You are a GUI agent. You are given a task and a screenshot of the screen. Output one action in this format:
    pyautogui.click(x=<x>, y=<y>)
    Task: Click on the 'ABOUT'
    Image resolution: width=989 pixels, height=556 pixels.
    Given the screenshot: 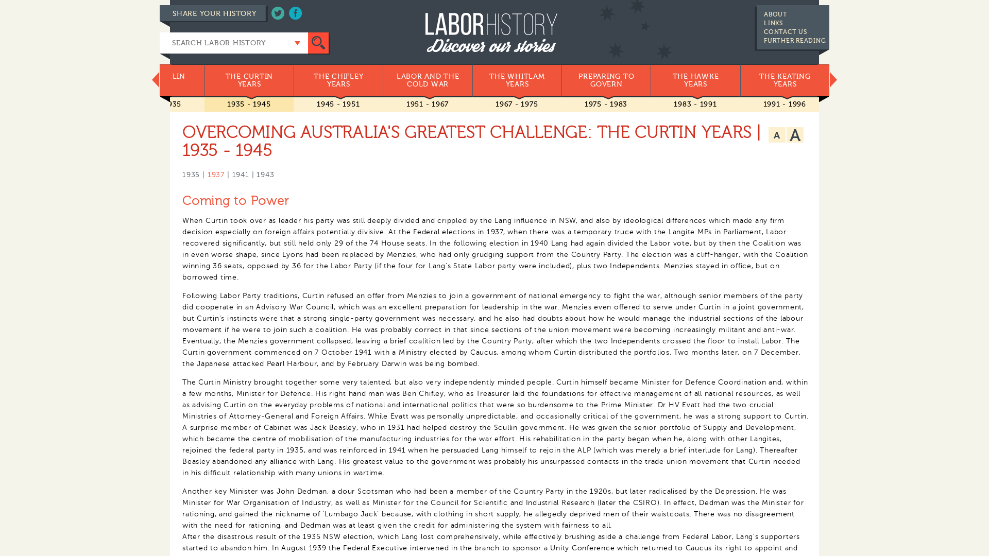 What is the action you would take?
    pyautogui.click(x=764, y=14)
    